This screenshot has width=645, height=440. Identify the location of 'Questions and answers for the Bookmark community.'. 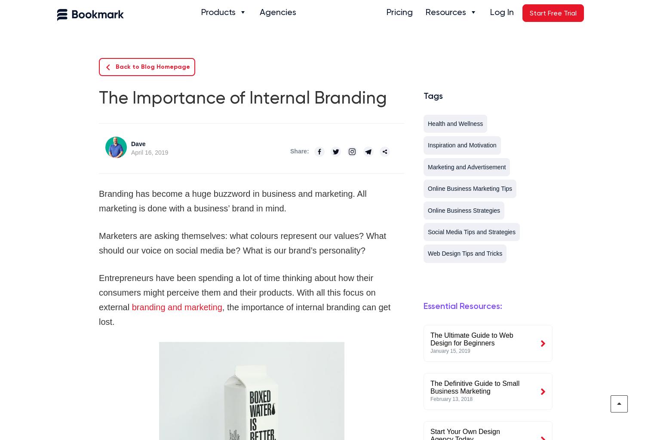
(480, 157).